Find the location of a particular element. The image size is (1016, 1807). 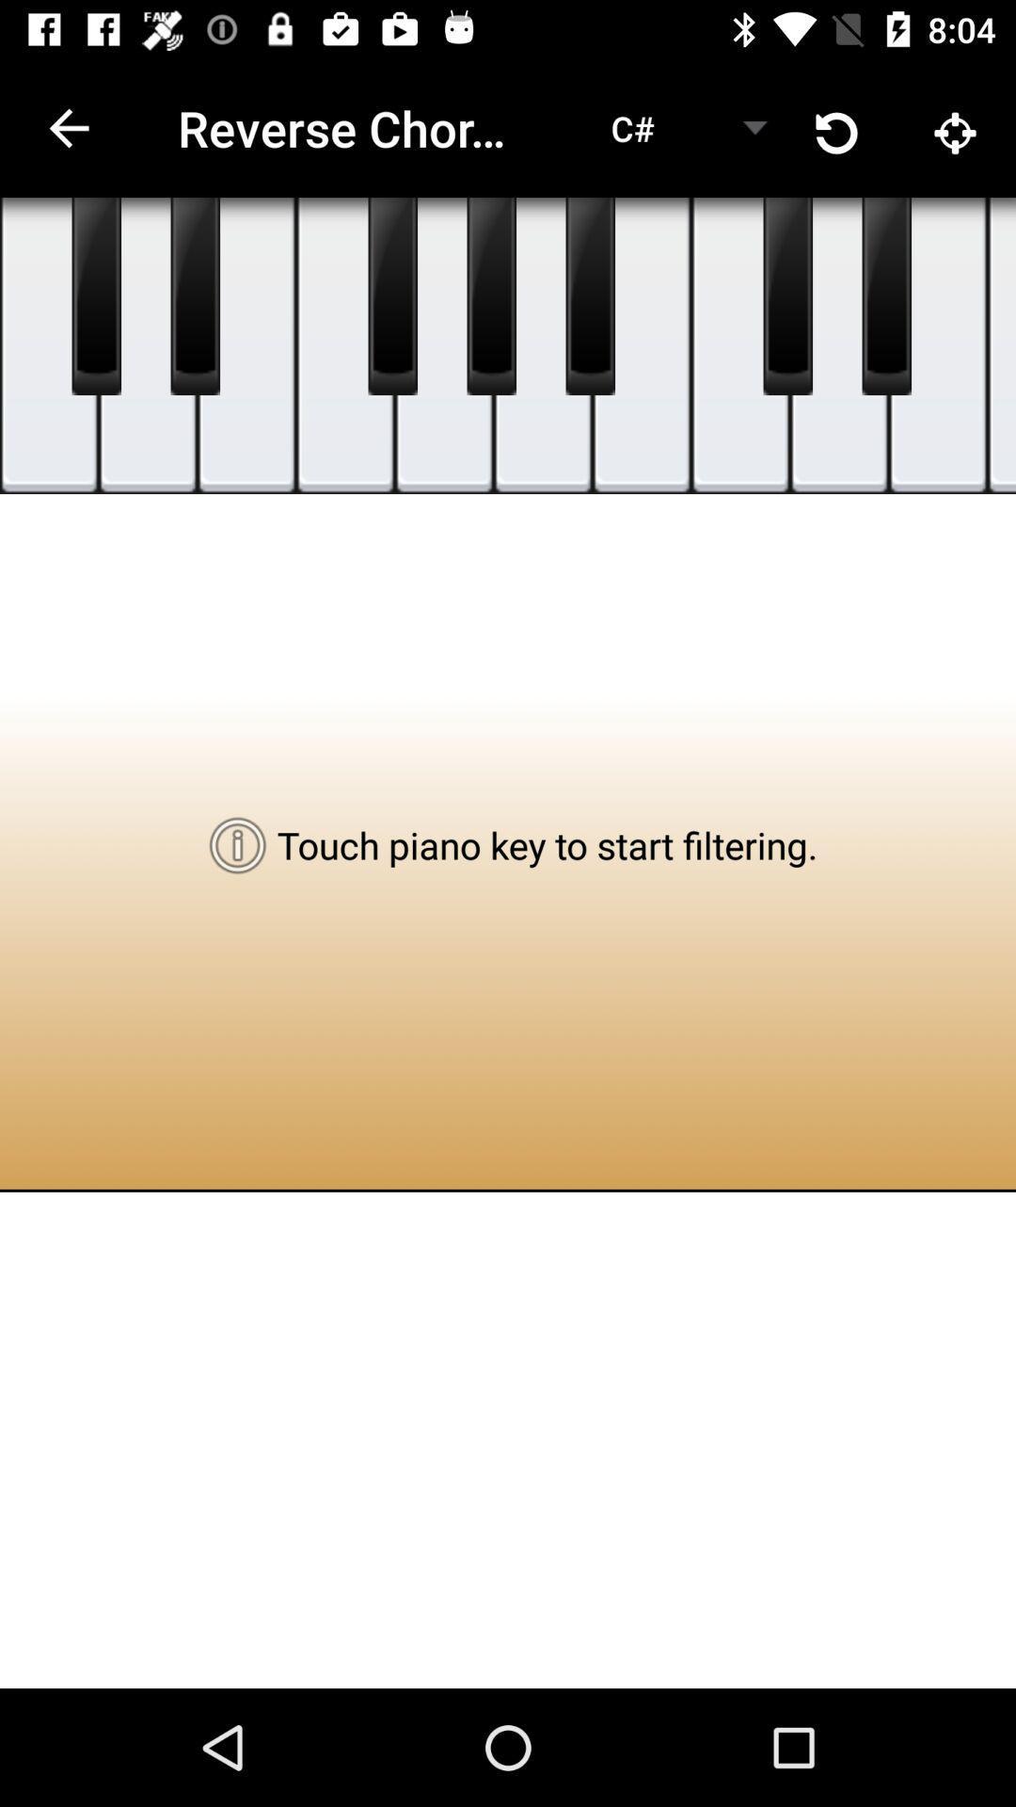

filter 6th piano key is located at coordinates (543, 345).